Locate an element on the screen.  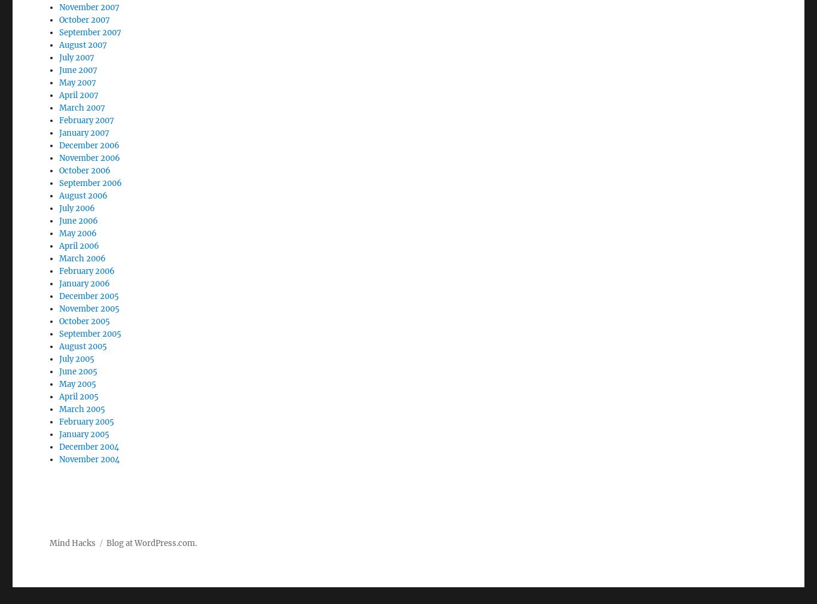
'December 2006' is located at coordinates (89, 112).